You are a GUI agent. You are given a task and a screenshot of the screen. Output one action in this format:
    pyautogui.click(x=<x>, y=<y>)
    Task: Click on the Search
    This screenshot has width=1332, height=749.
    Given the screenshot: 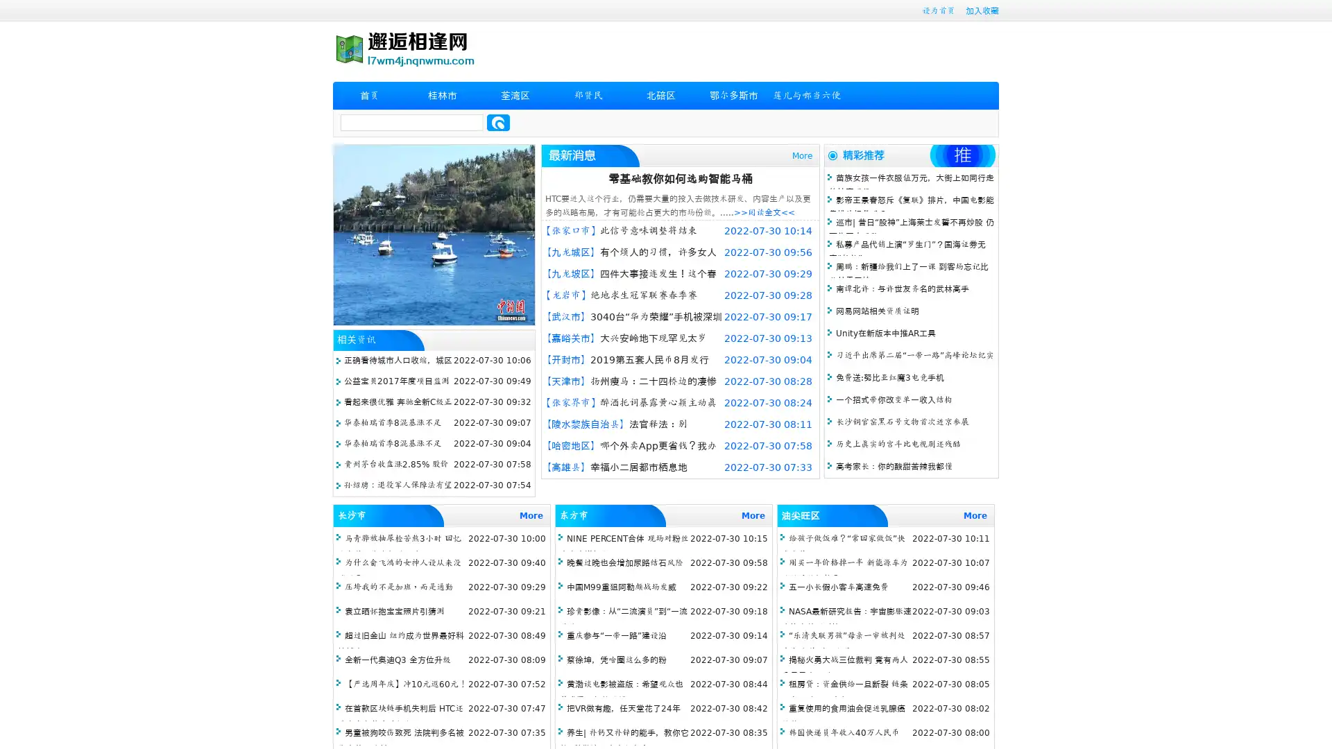 What is the action you would take?
    pyautogui.click(x=498, y=122)
    